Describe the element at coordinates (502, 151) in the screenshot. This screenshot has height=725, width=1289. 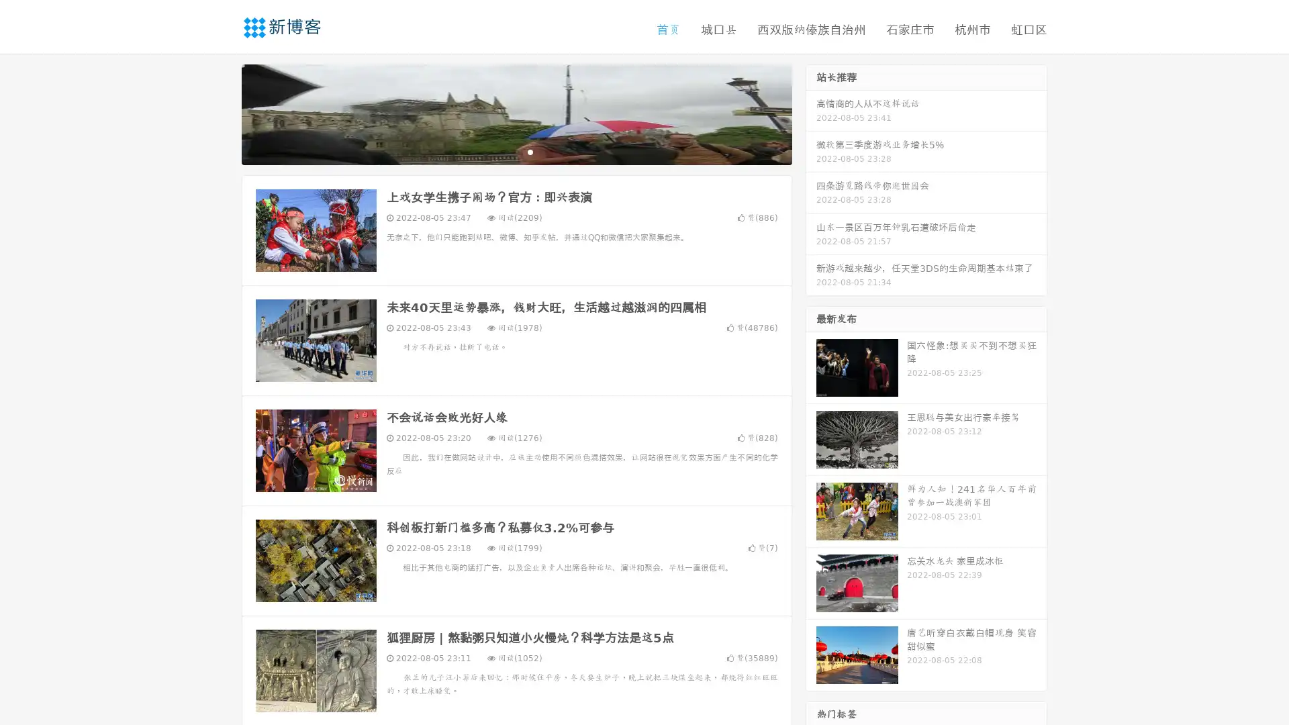
I see `Go to slide 1` at that location.